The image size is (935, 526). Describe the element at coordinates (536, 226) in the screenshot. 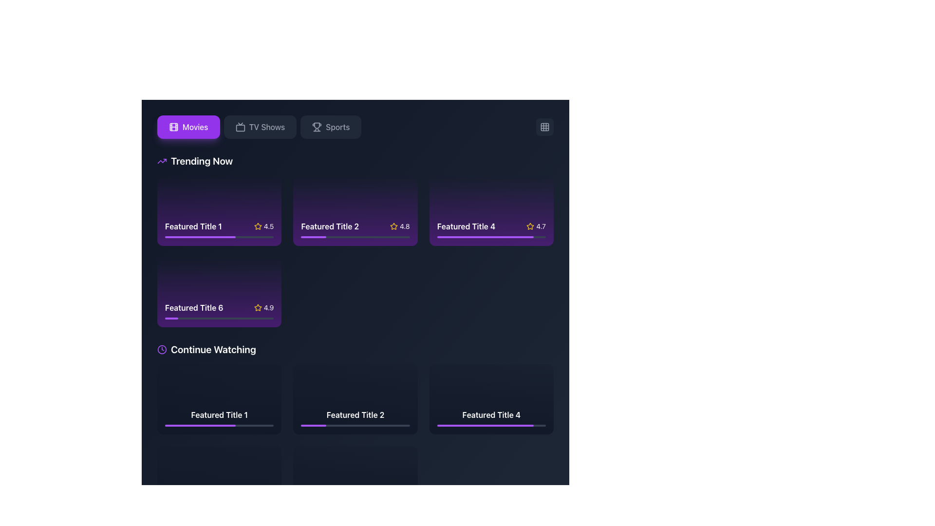

I see `the rating text element located in the top-right corner of the card titled 'Featured Title 4' in the 'Trending Now' section, positioned to the right of the star icon` at that location.